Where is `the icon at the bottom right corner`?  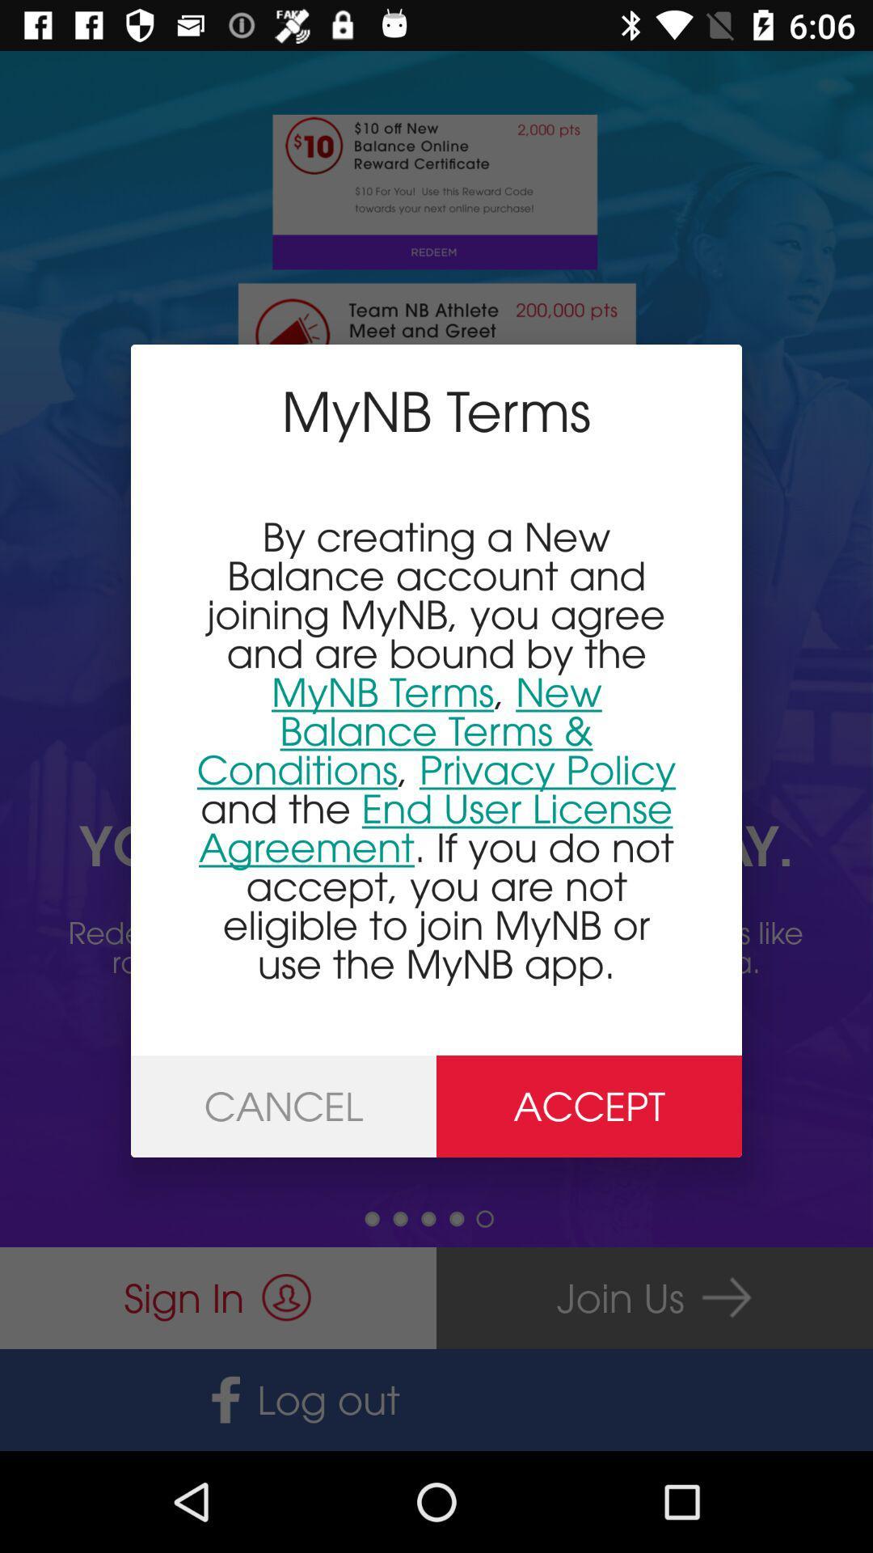 the icon at the bottom right corner is located at coordinates (589, 1106).